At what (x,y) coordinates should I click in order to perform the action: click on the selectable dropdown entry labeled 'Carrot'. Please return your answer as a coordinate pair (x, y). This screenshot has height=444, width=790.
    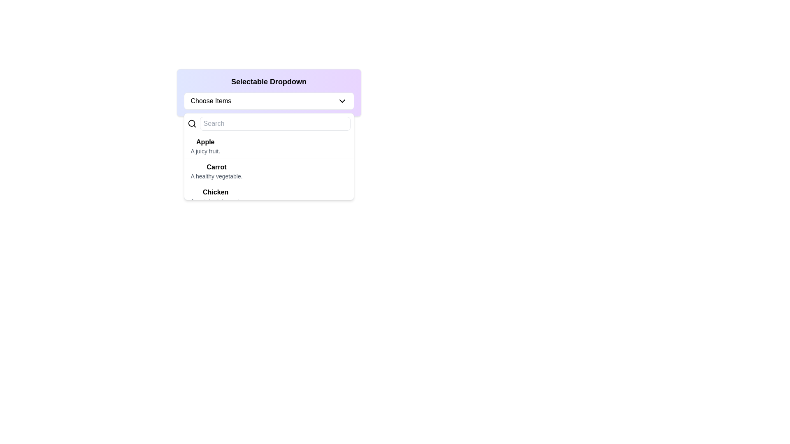
    Looking at the image, I should click on (269, 166).